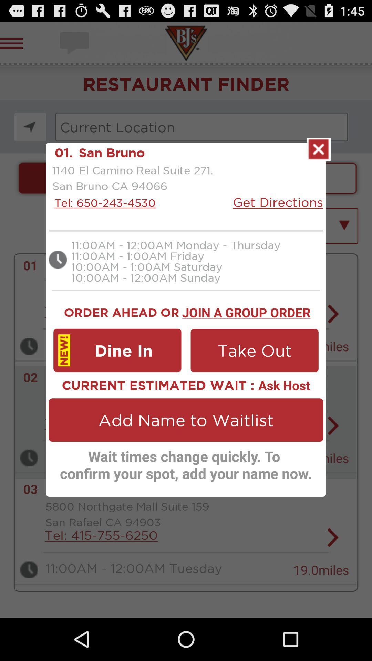 The height and width of the screenshot is (661, 372). Describe the element at coordinates (255, 350) in the screenshot. I see `icon next to dine in` at that location.